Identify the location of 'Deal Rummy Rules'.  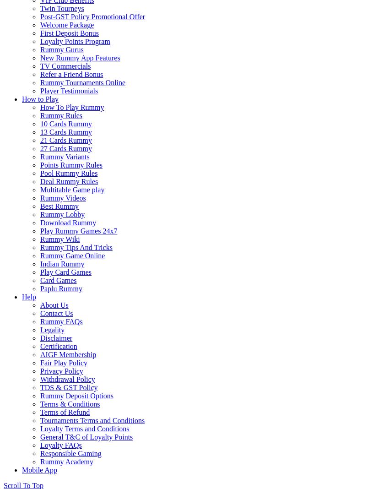
(69, 181).